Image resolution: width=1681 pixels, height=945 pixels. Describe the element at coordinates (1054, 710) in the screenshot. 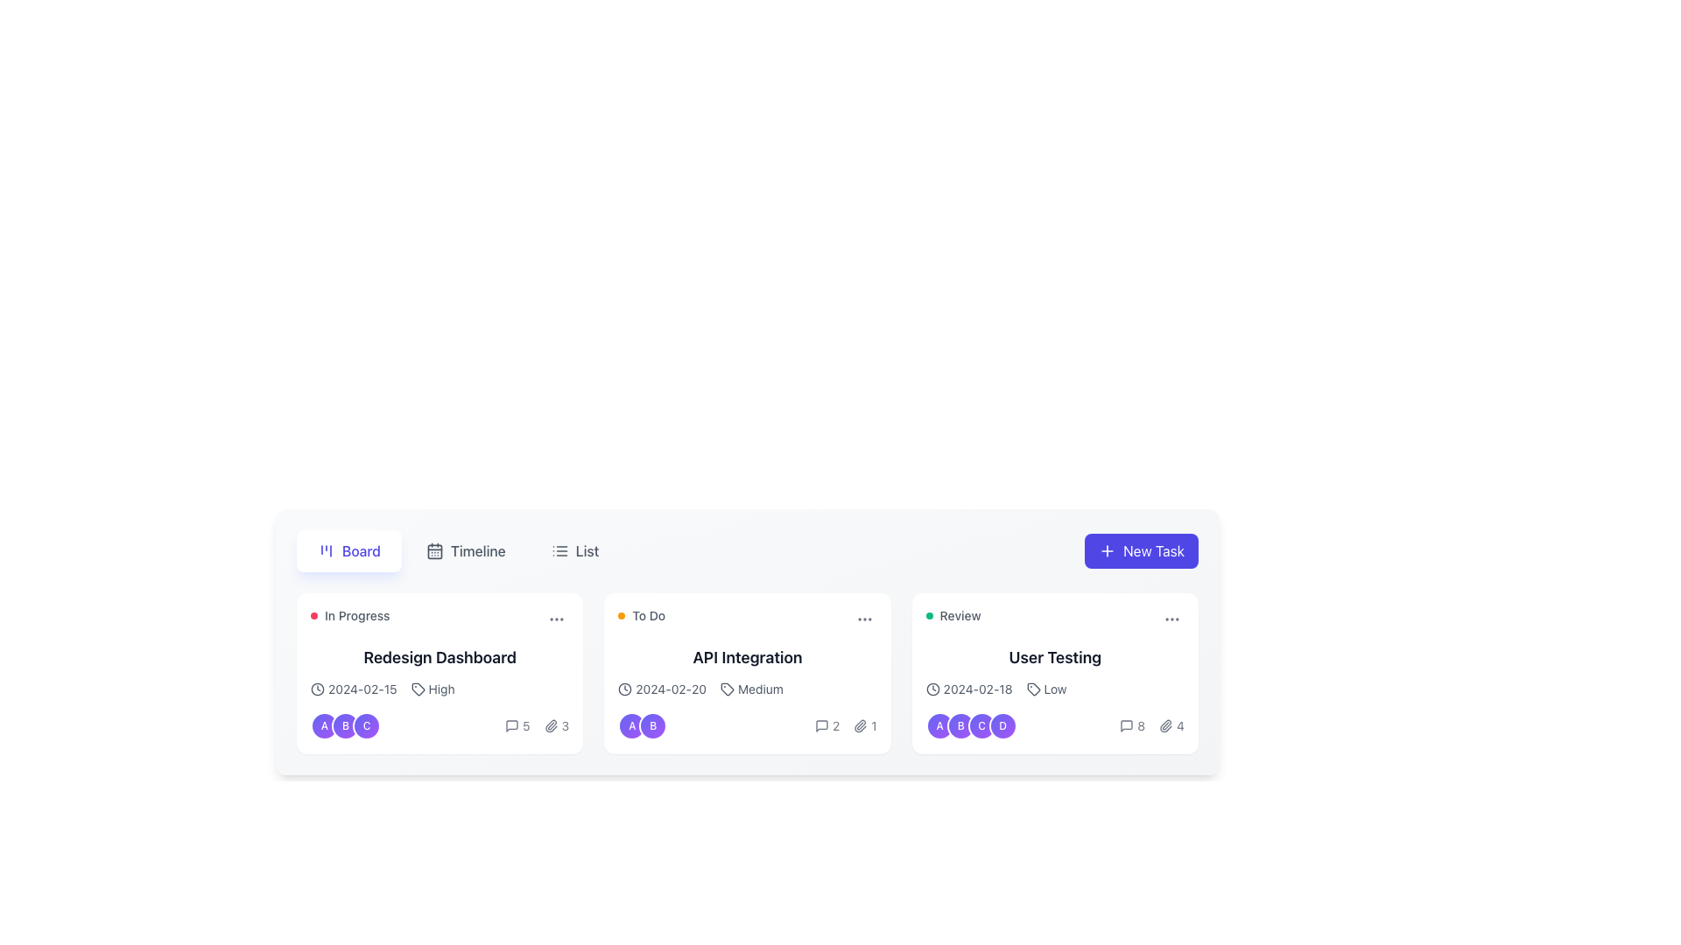

I see `the date ('2024-02-18') or priority indicator ('Low') in the Information panel of the 'User Testing' card within the 'Review' section` at that location.